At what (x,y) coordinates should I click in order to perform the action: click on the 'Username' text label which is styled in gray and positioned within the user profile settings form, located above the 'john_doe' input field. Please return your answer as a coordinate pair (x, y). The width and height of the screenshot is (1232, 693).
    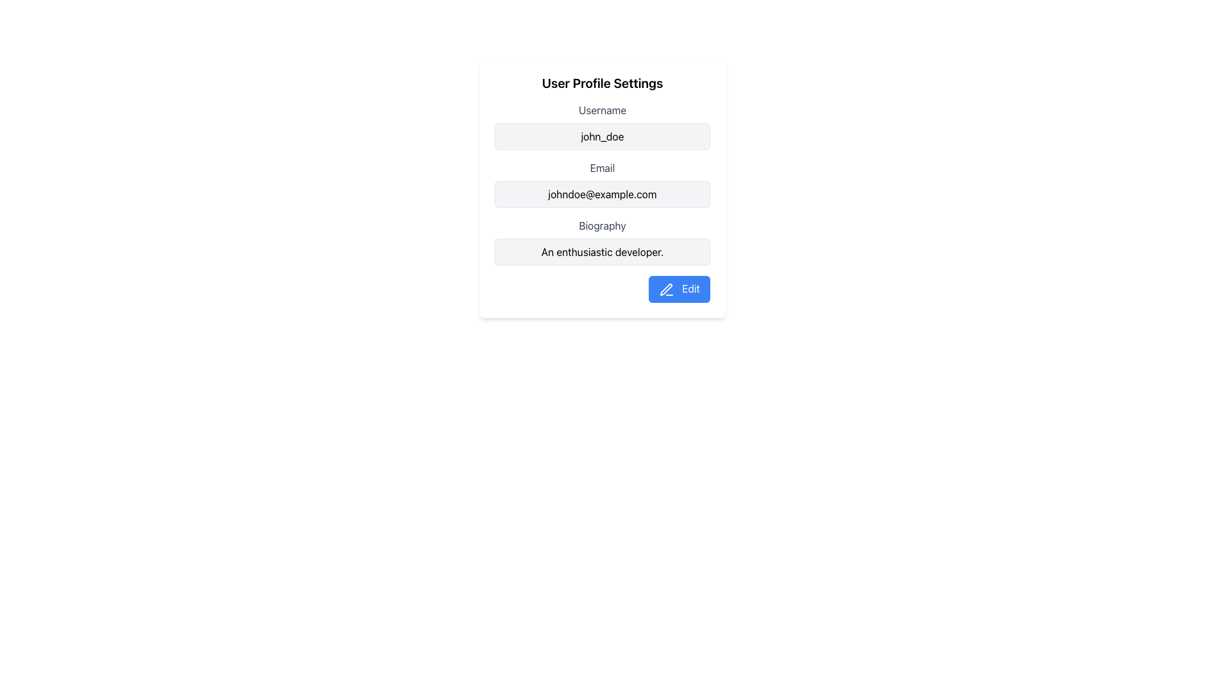
    Looking at the image, I should click on (602, 110).